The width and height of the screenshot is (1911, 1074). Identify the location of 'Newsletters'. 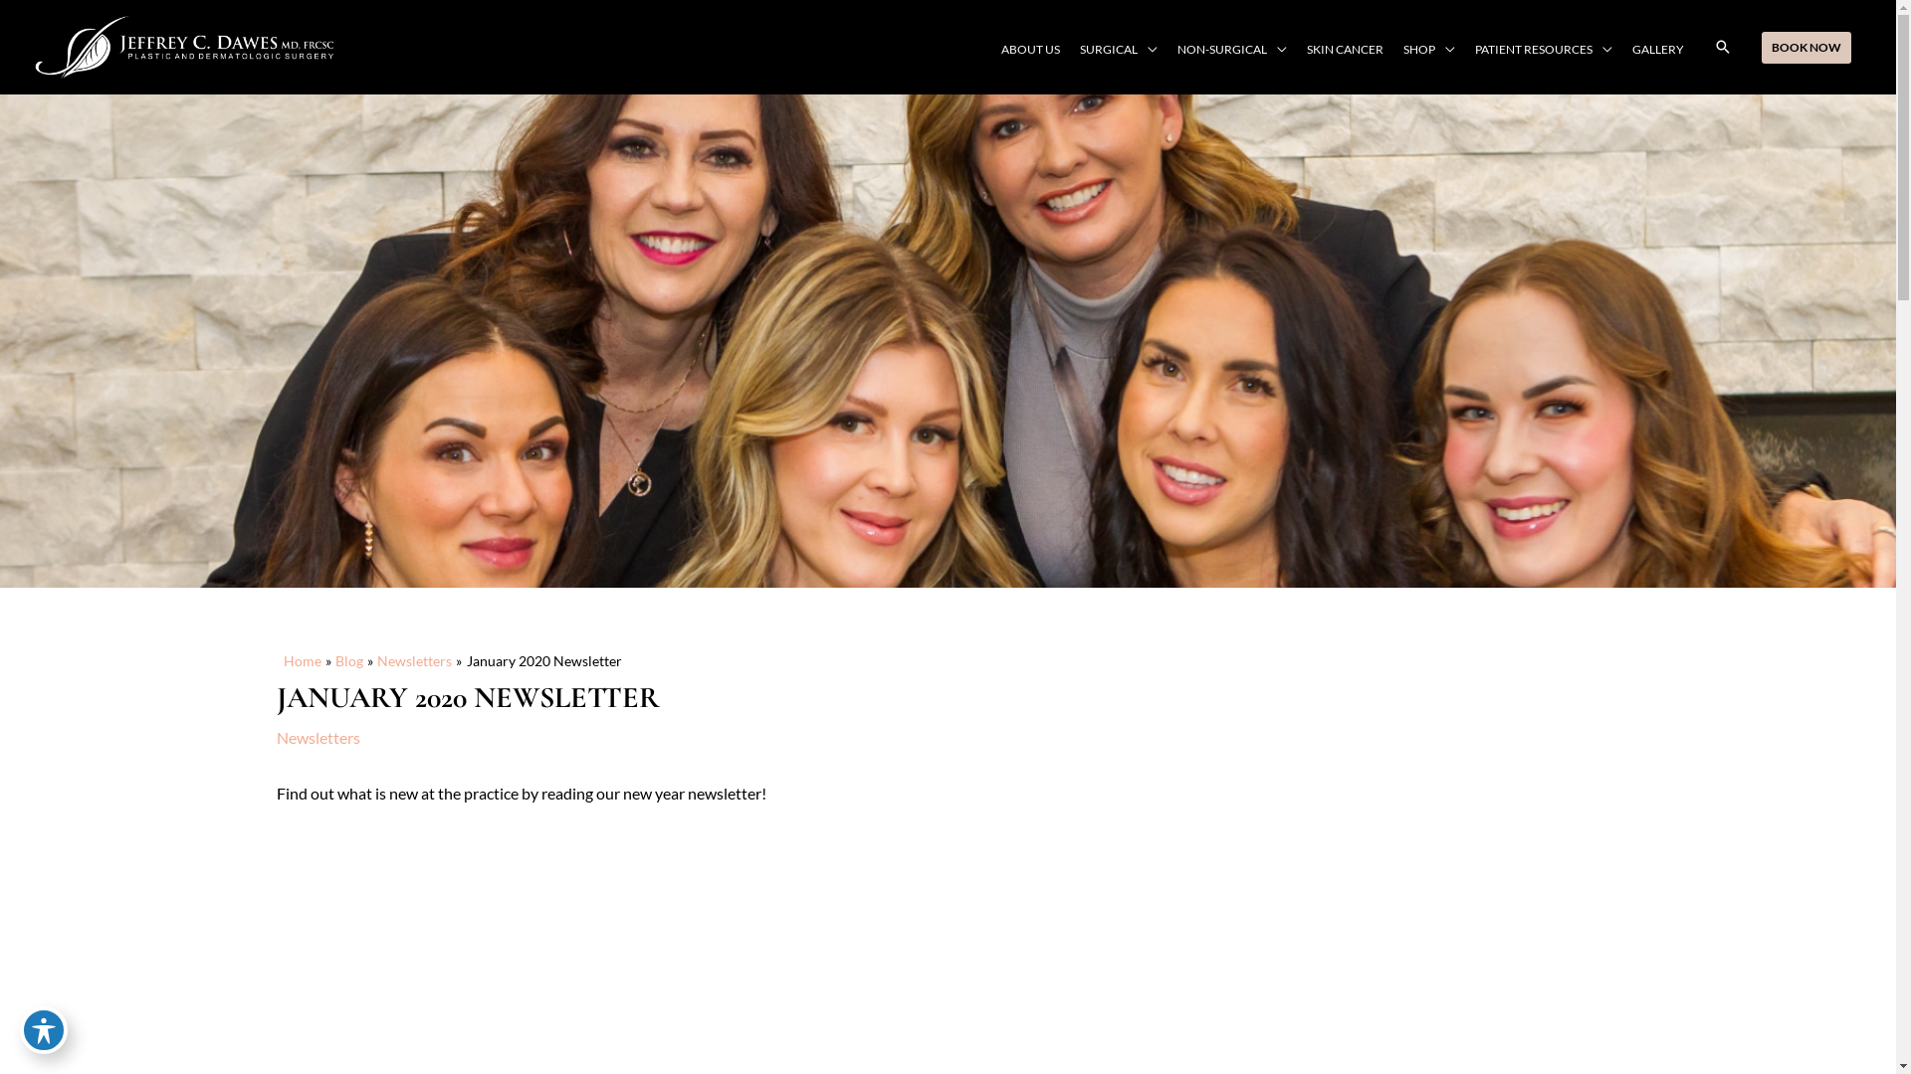
(413, 660).